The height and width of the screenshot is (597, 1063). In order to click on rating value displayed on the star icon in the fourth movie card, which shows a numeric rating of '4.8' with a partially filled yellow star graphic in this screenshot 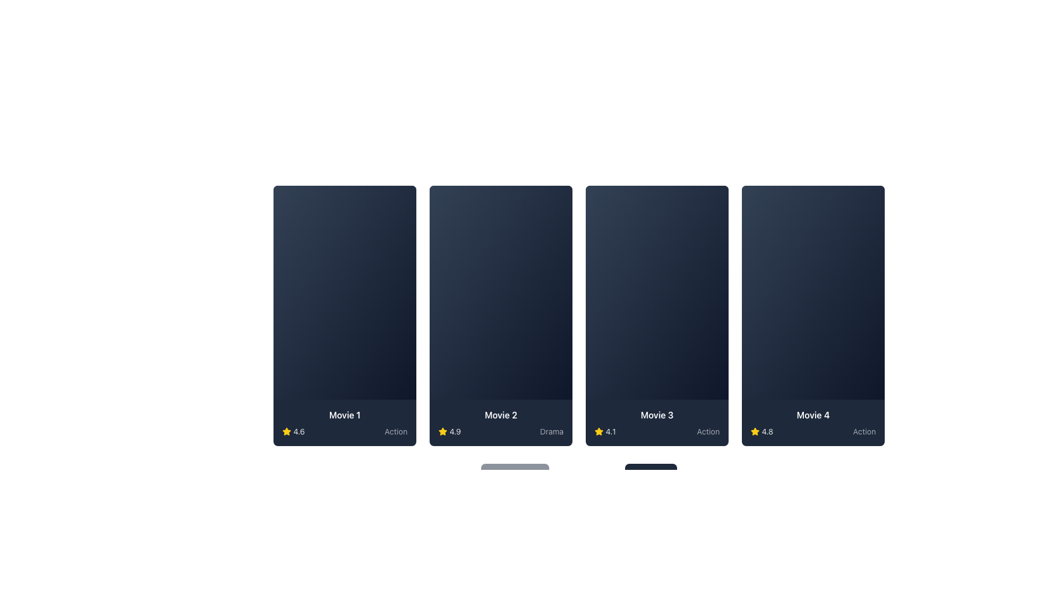, I will do `click(761, 431)`.